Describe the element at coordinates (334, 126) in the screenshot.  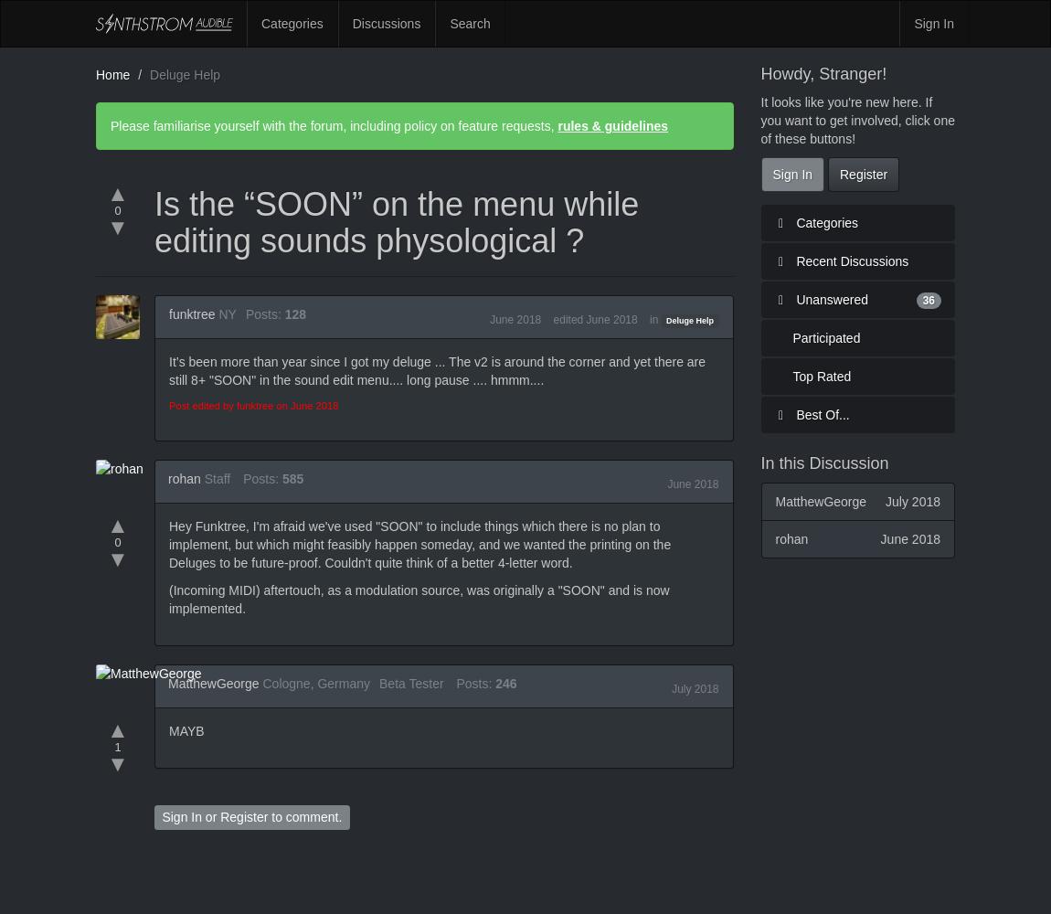
I see `'Please familiarise yourself with the forum, including policy on feature requests,'` at that location.